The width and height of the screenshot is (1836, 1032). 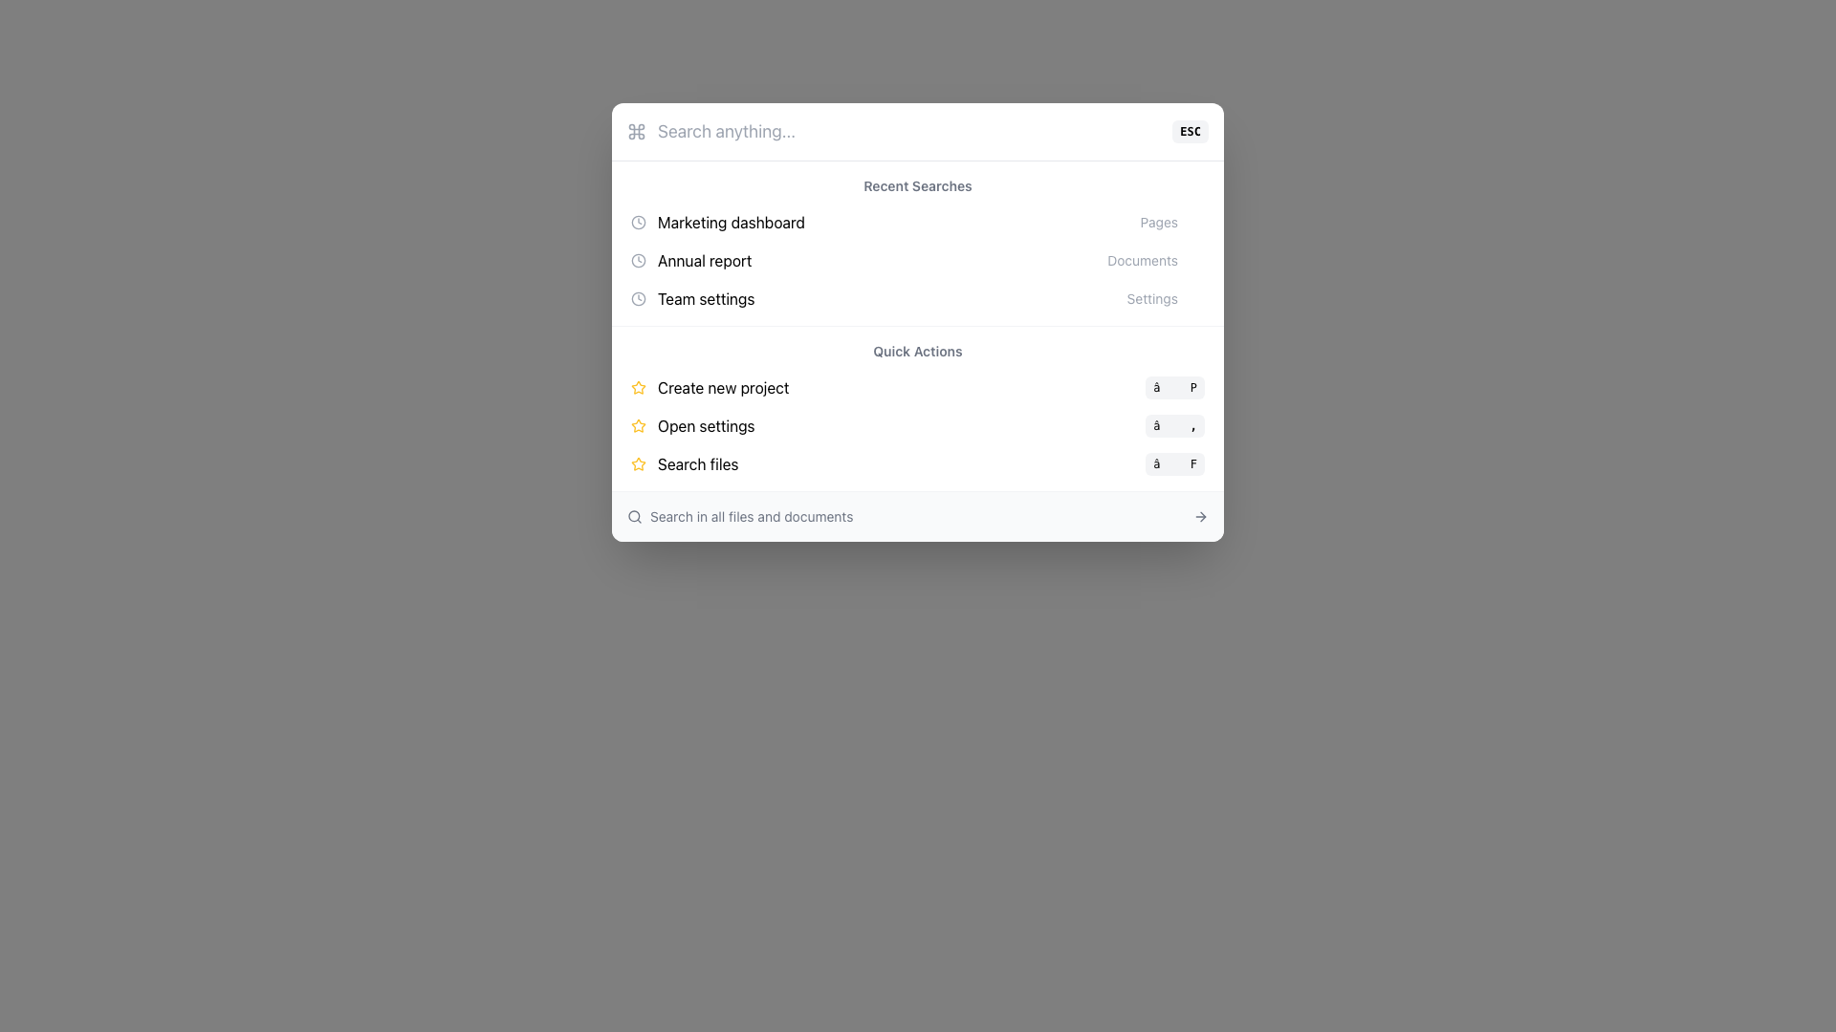 I want to click on the icon located in the leftmost section of the 'Search files' list item under the 'Quick Actions' section, so click(x=638, y=464).